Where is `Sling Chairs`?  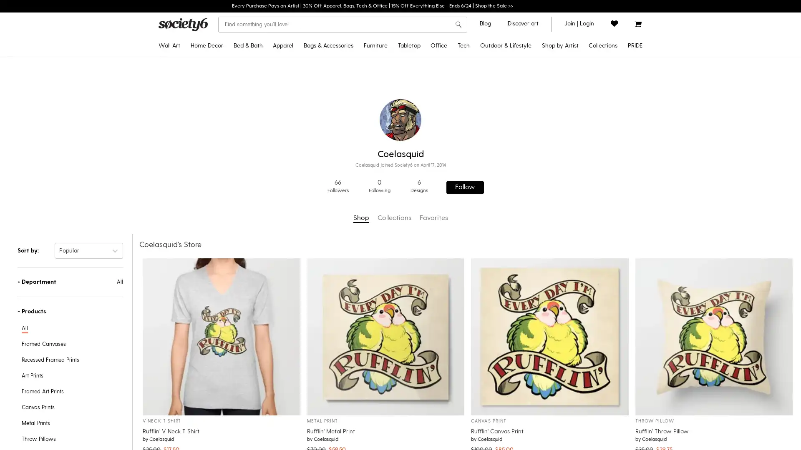 Sling Chairs is located at coordinates (516, 215).